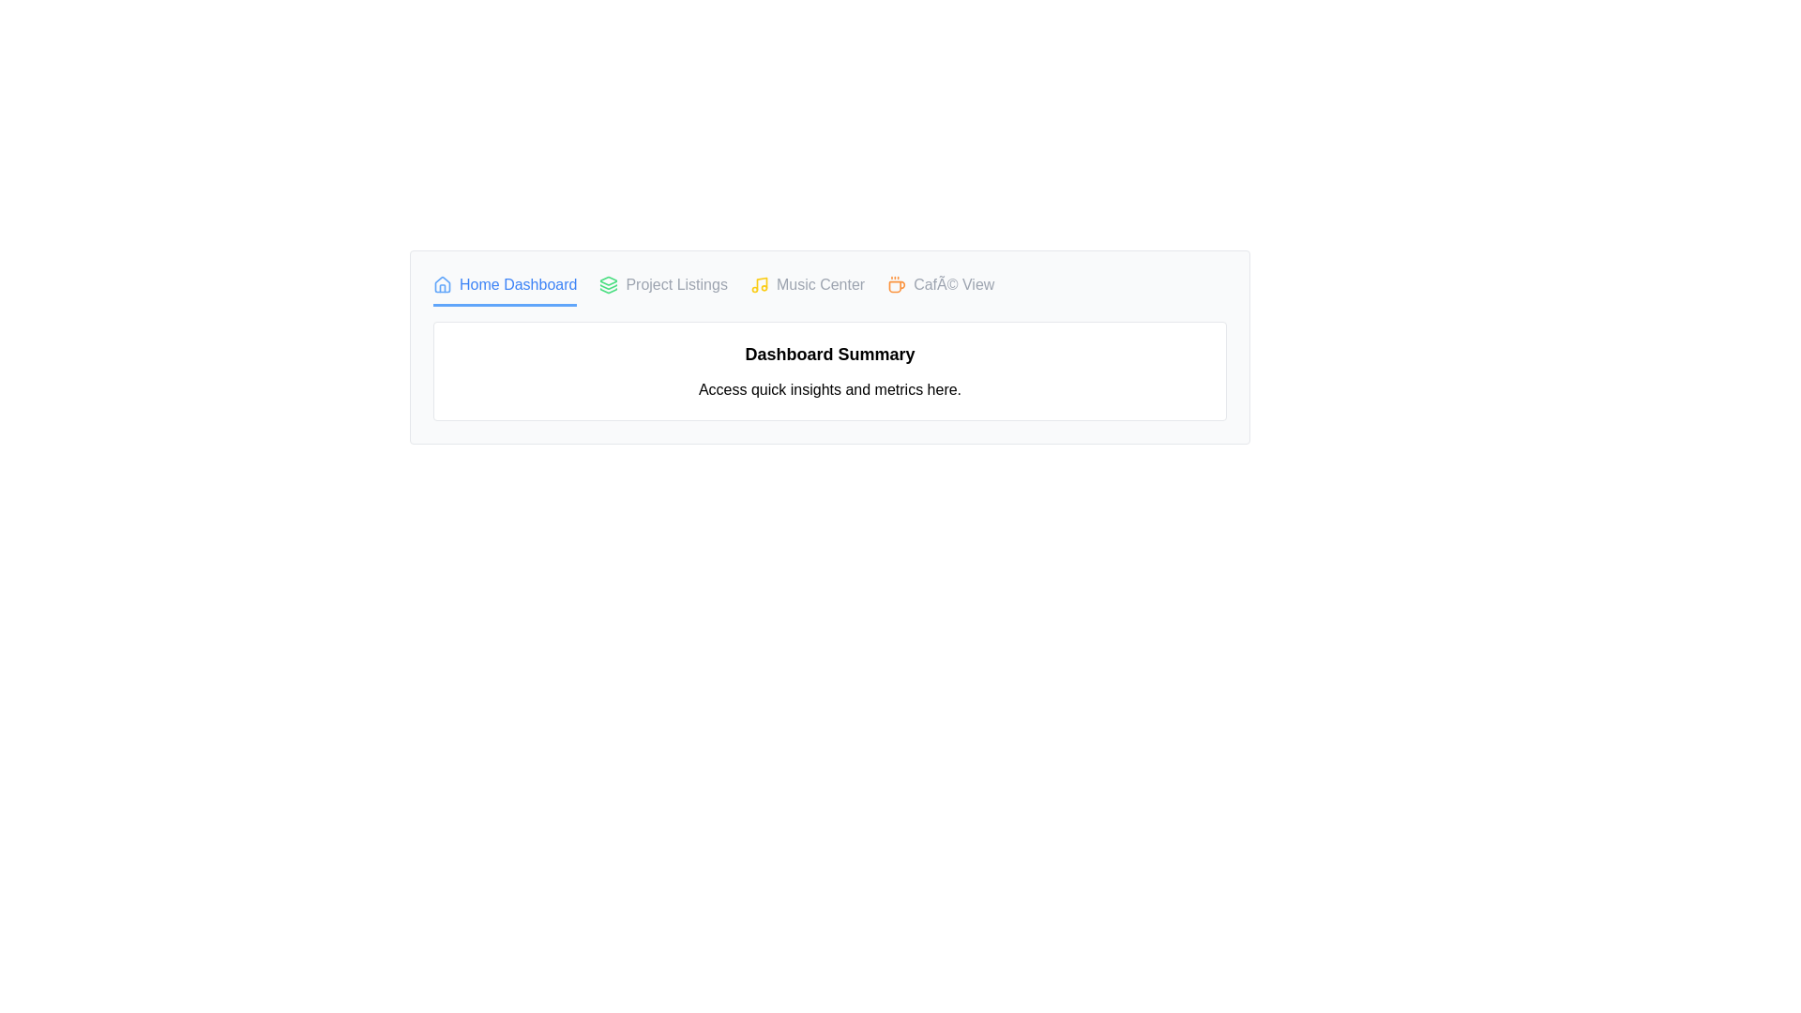  What do you see at coordinates (609, 280) in the screenshot?
I see `the triangular shape icon located in the navigation bar on the left side, which is styled with lightweight line strokes and green coloring, as it is the topmost layer of a stacked icon` at bounding box center [609, 280].